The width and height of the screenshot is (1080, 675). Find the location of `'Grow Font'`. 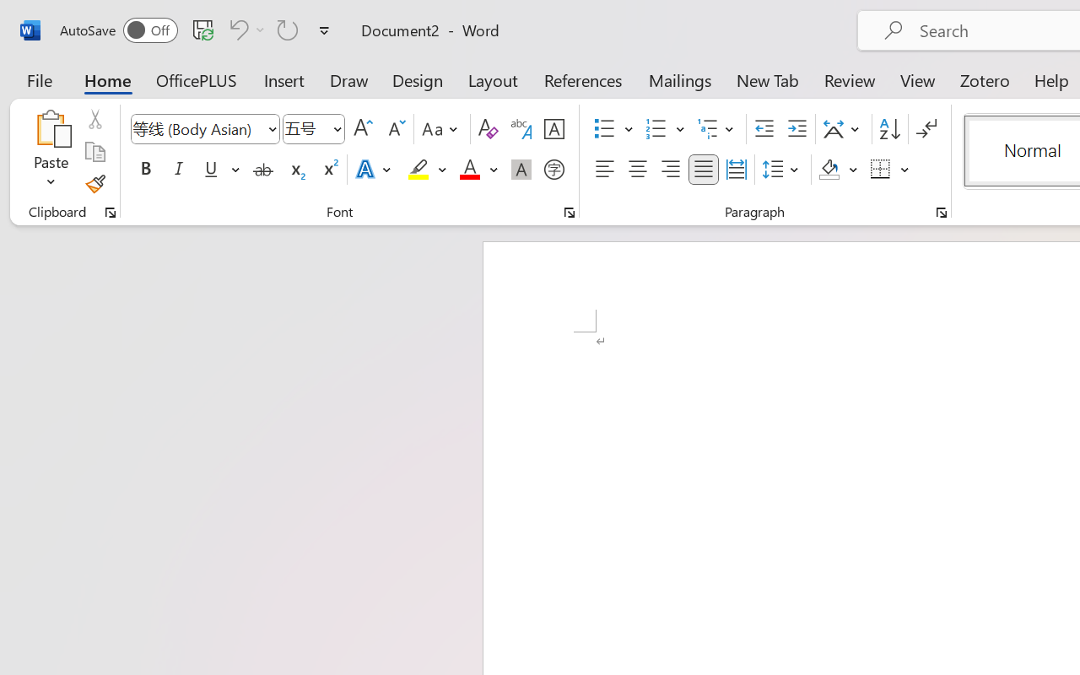

'Grow Font' is located at coordinates (362, 129).